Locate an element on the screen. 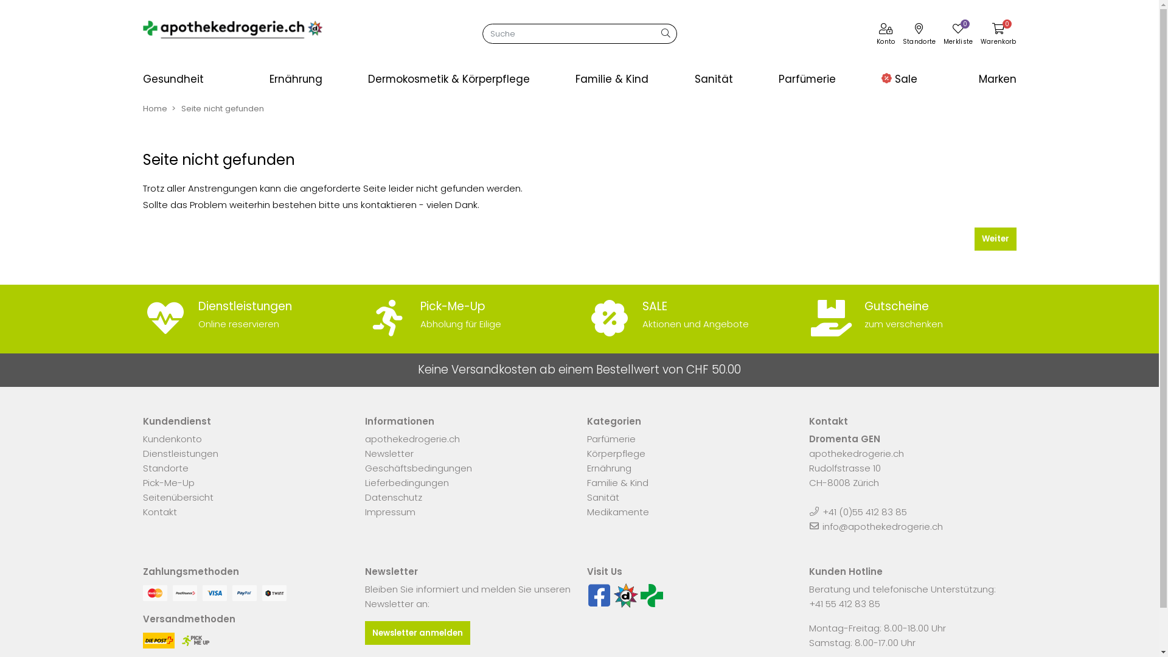  'Lieferbedingungen' is located at coordinates (364, 482).